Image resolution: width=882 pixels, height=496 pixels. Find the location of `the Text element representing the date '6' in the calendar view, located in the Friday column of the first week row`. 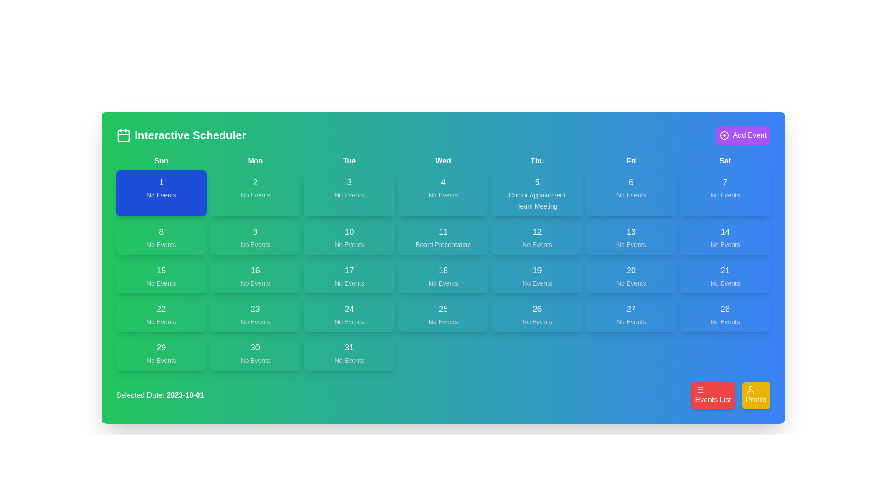

the Text element representing the date '6' in the calendar view, located in the Friday column of the first week row is located at coordinates (630, 182).